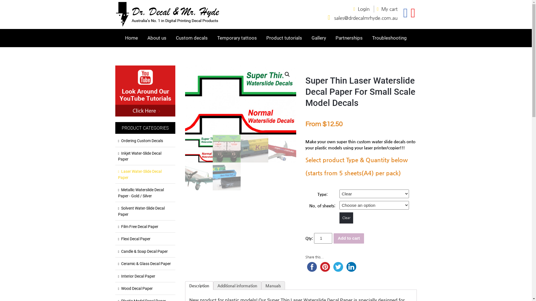  What do you see at coordinates (145, 251) in the screenshot?
I see `'Candle & Soap Decal Paper'` at bounding box center [145, 251].